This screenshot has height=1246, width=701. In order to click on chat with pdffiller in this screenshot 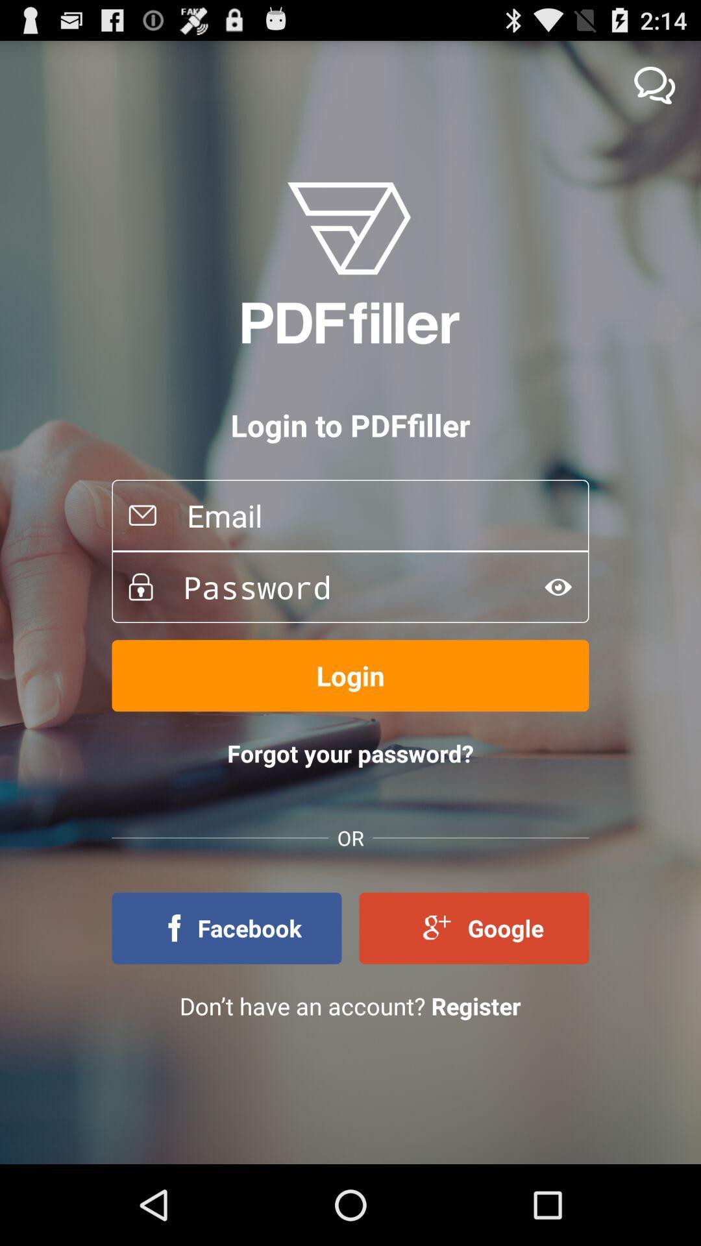, I will do `click(654, 84)`.